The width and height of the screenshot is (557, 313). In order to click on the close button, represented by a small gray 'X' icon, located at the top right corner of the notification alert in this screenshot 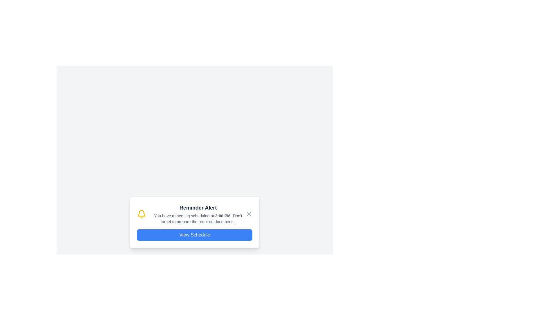, I will do `click(249, 214)`.